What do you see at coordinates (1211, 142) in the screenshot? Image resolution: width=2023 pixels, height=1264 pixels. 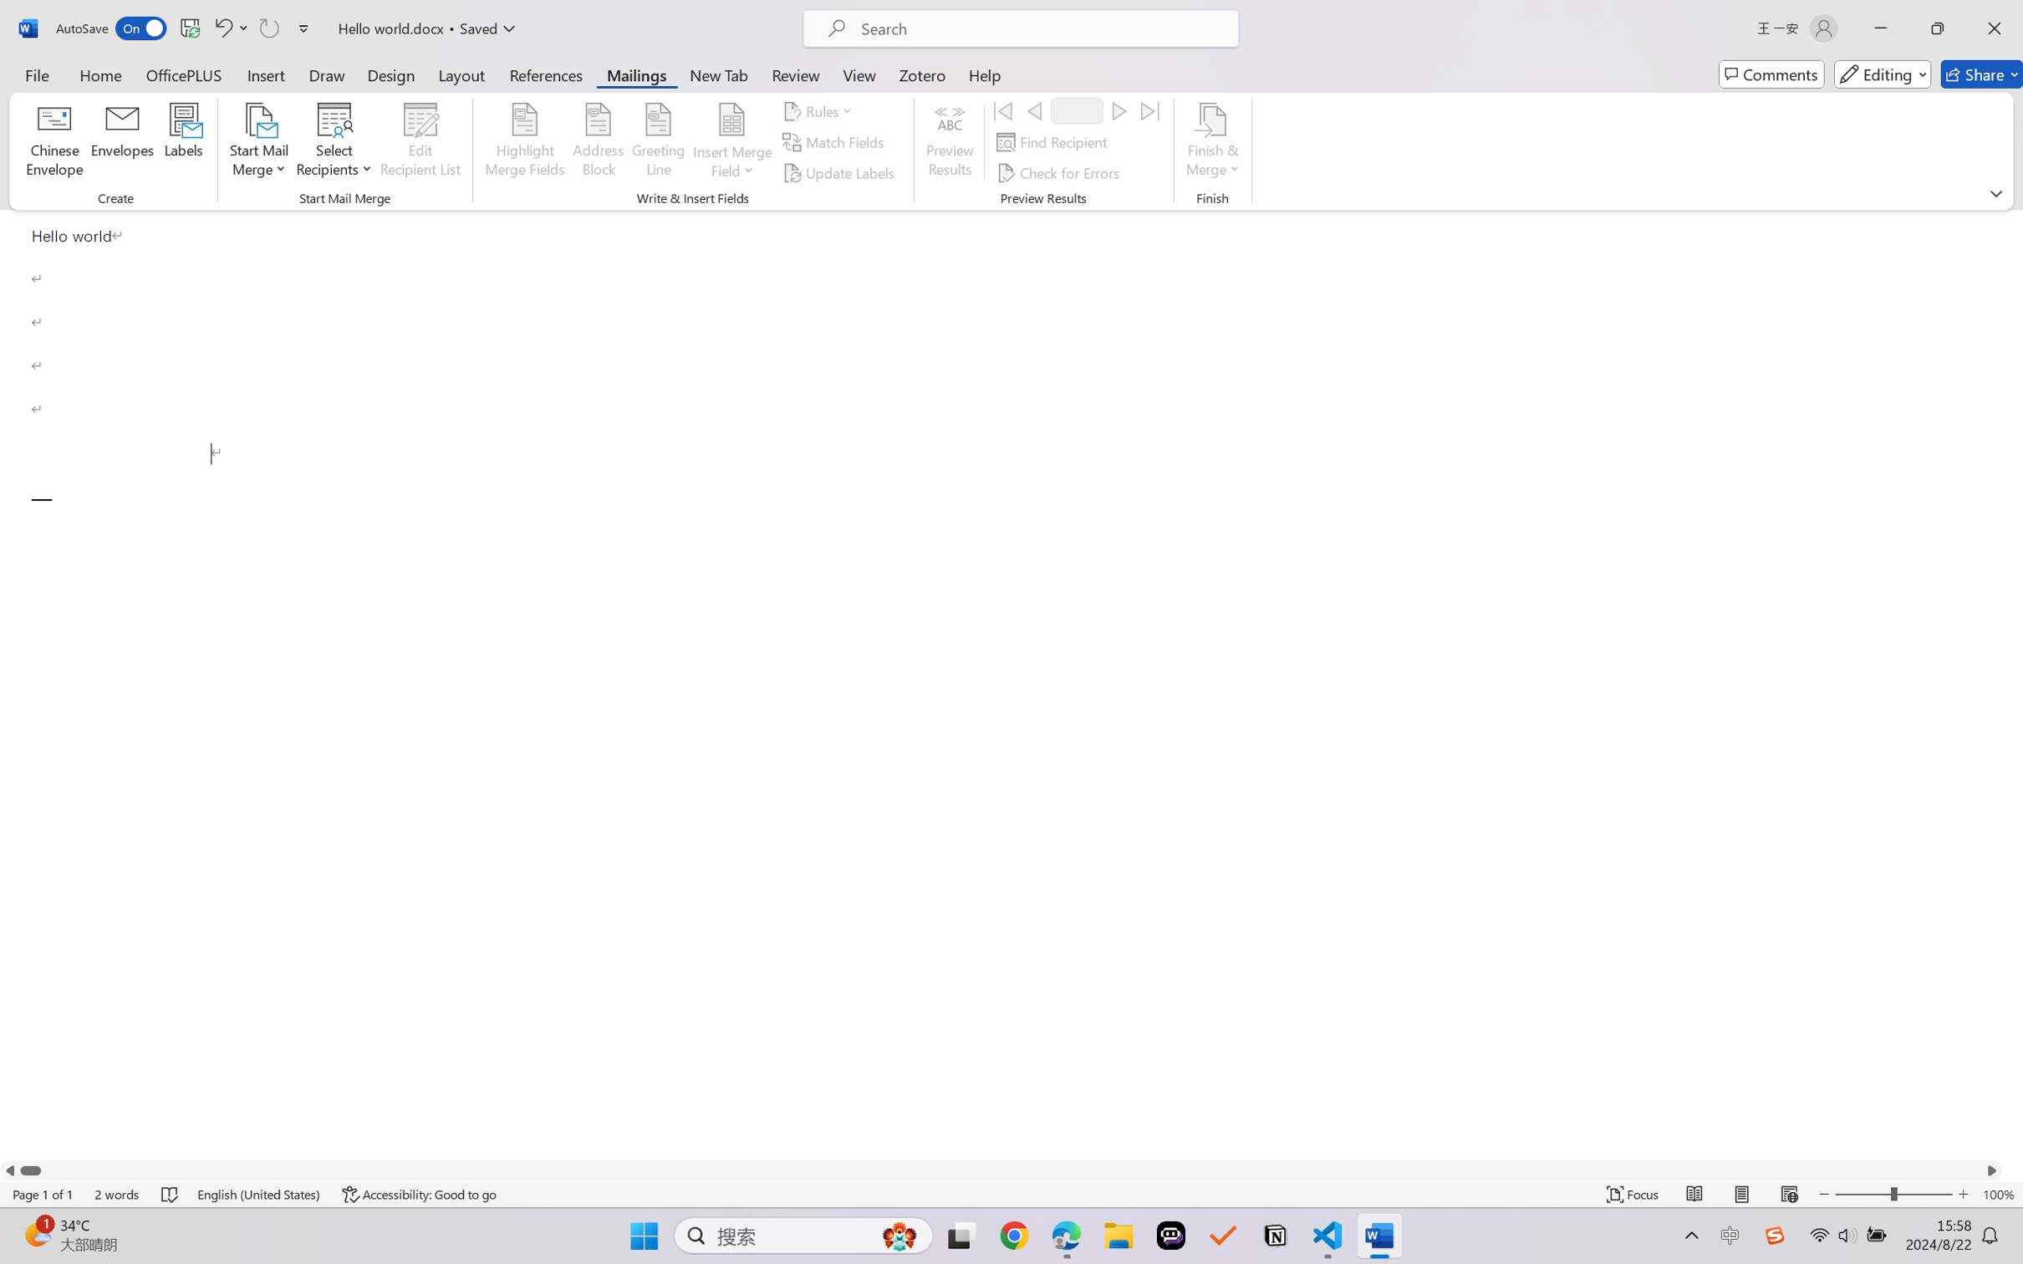 I see `'Finish & Merge'` at bounding box center [1211, 142].